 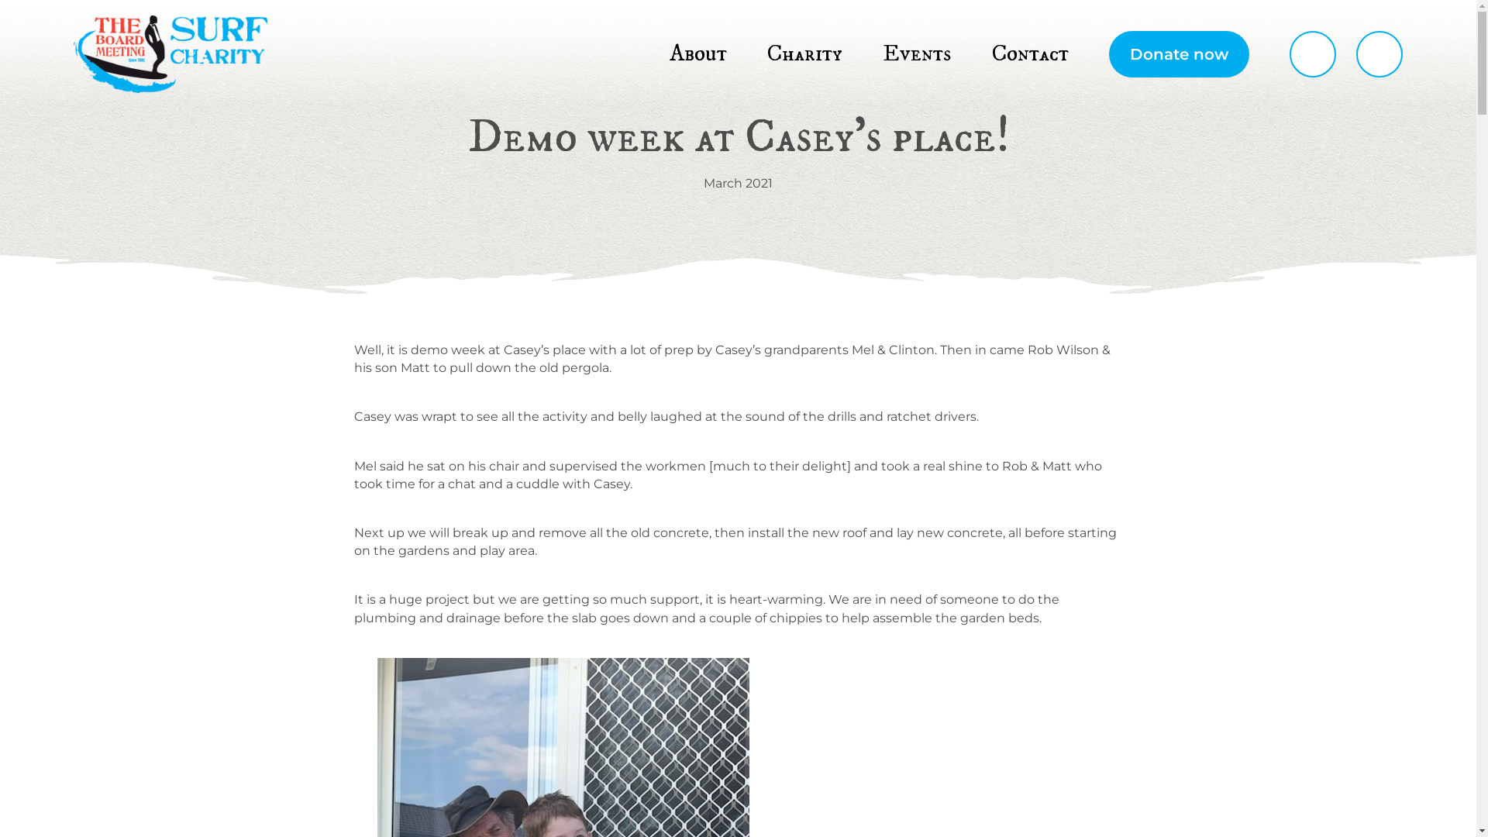 What do you see at coordinates (917, 53) in the screenshot?
I see `'Events'` at bounding box center [917, 53].